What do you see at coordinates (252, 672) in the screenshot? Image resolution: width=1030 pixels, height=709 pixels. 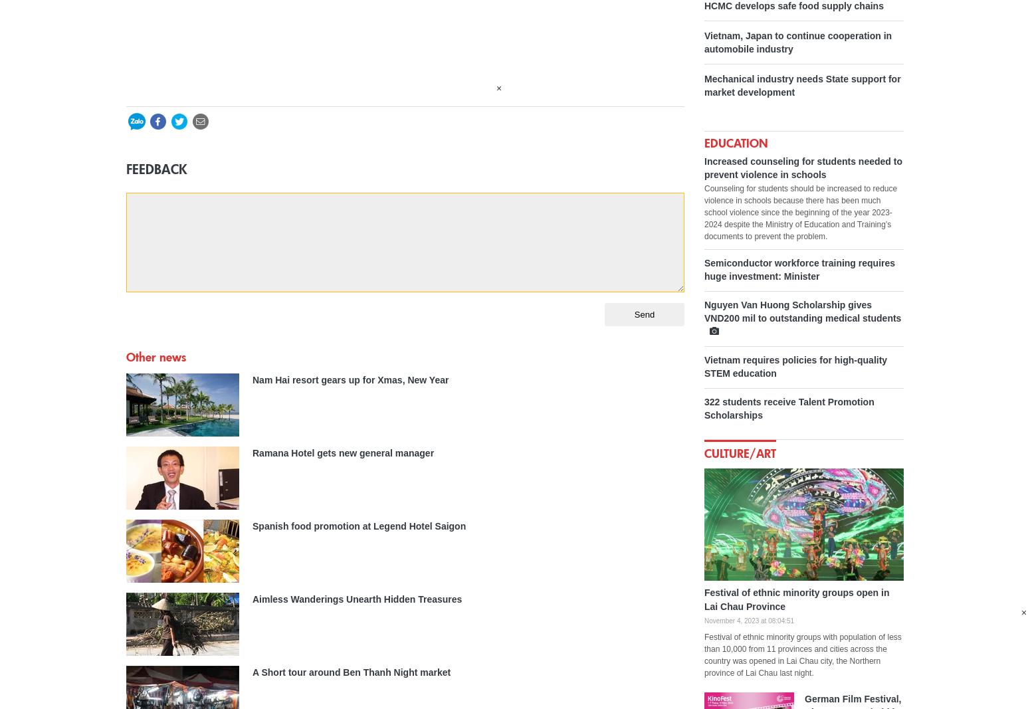 I see `'A Short tour around Ben Thanh Night market'` at bounding box center [252, 672].